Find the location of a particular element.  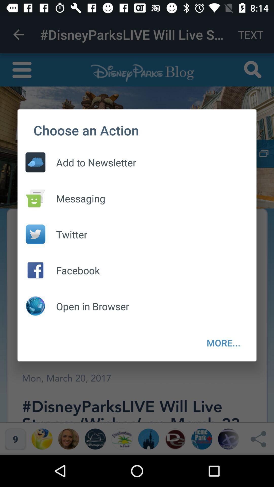

open in browser item is located at coordinates (87, 306).